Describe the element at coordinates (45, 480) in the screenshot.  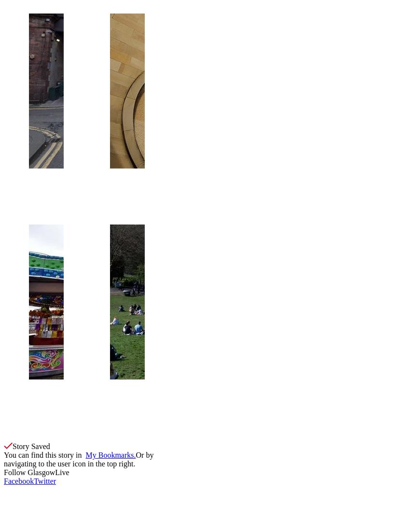
I see `'Twitter'` at that location.